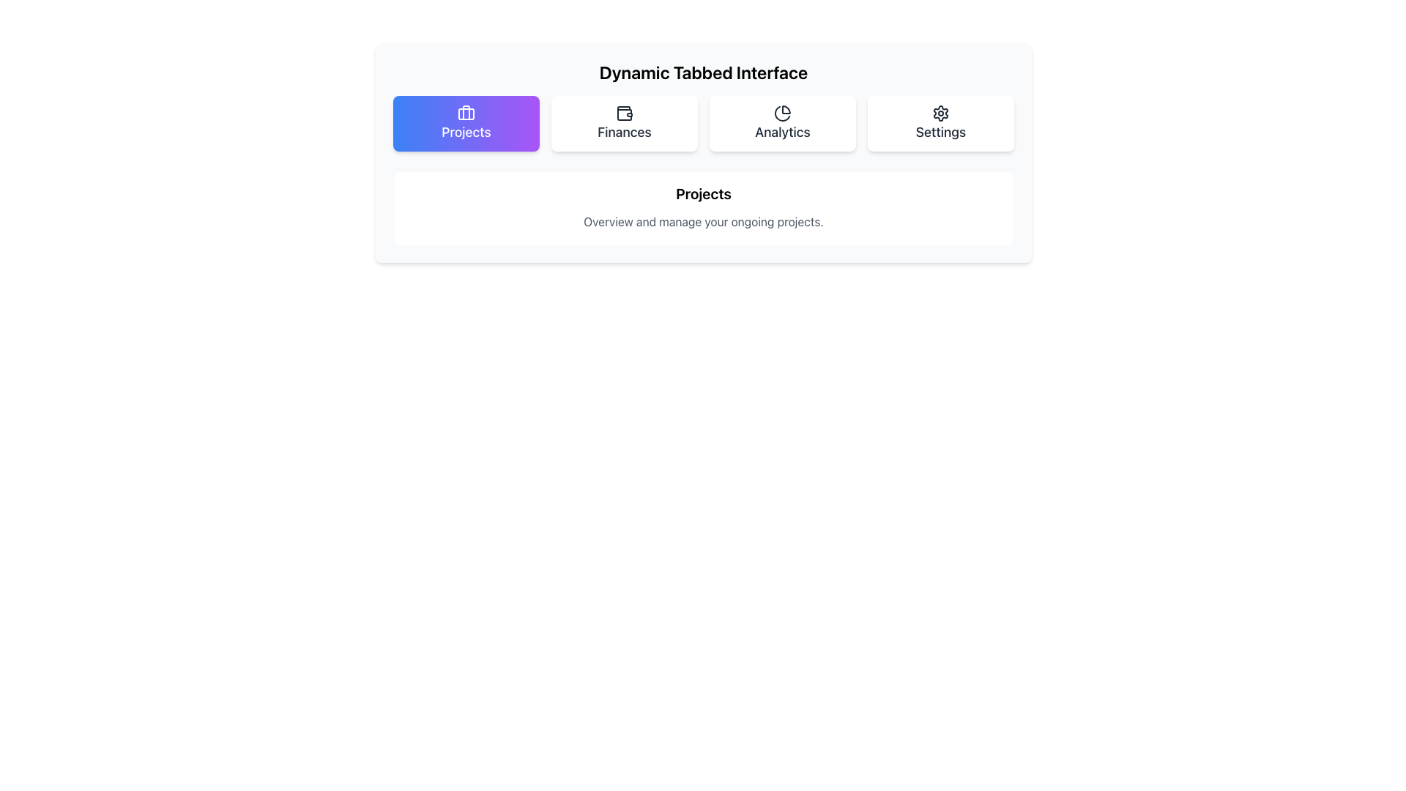 The width and height of the screenshot is (1406, 791). What do you see at coordinates (703, 222) in the screenshot?
I see `the descriptive text located under the 'Projects' header, which provides additional context about the 'Projects' section` at bounding box center [703, 222].